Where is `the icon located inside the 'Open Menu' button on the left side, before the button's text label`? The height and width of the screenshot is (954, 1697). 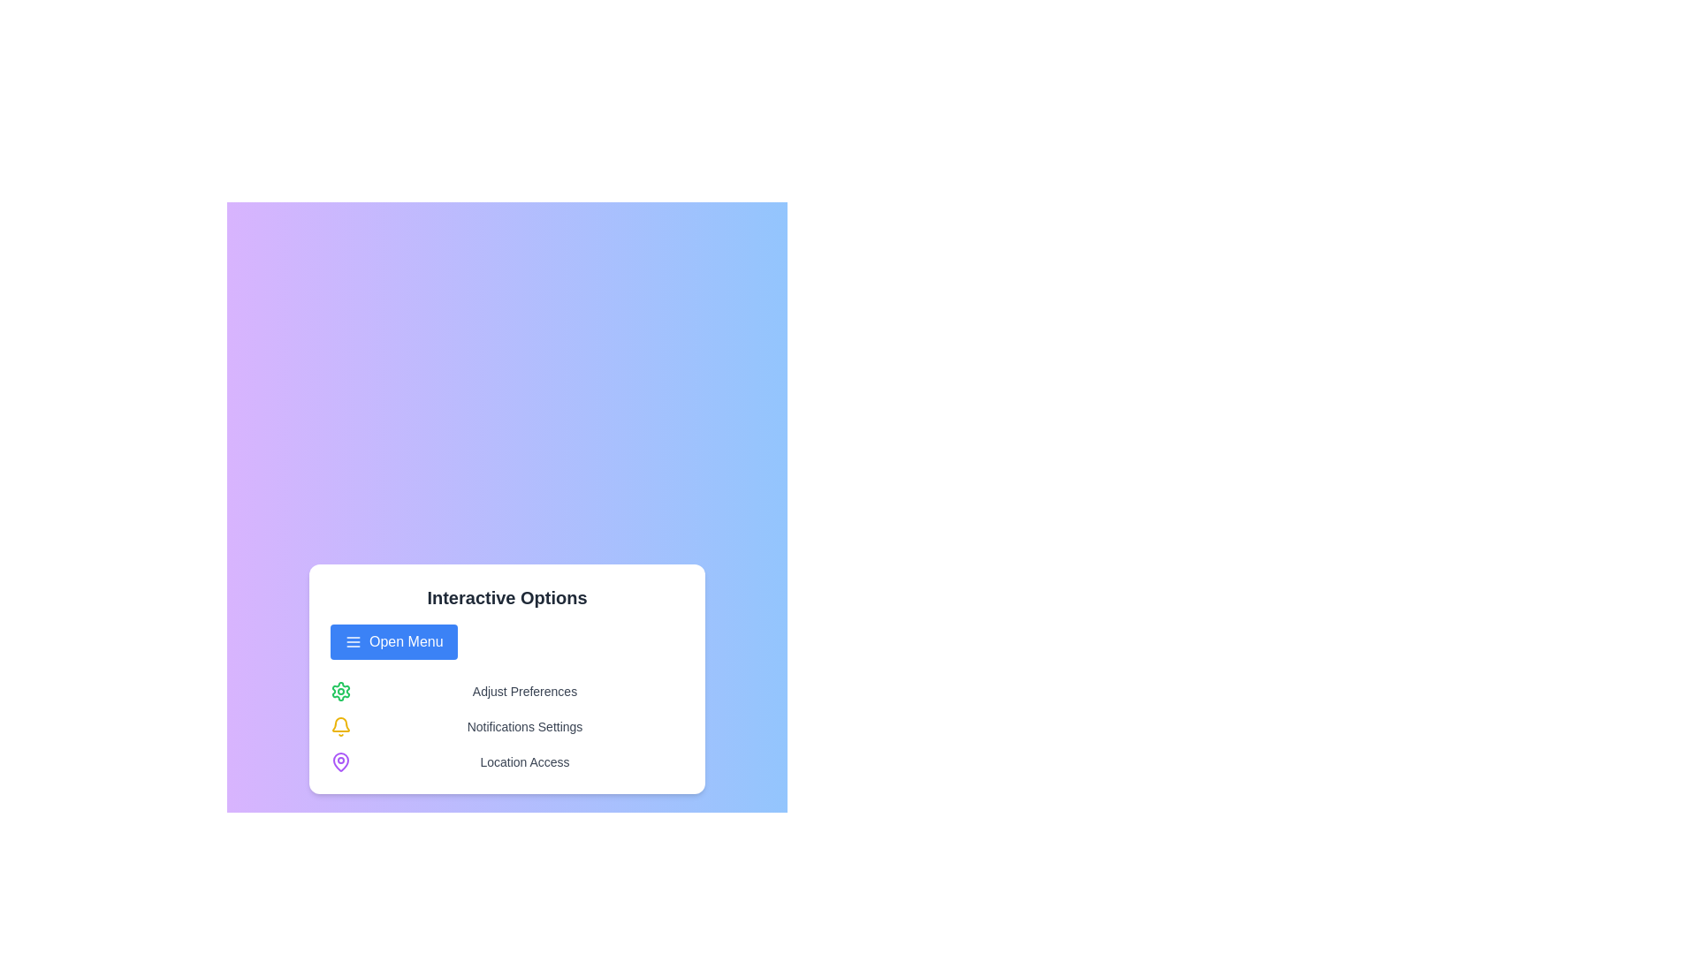 the icon located inside the 'Open Menu' button on the left side, before the button's text label is located at coordinates (353, 641).